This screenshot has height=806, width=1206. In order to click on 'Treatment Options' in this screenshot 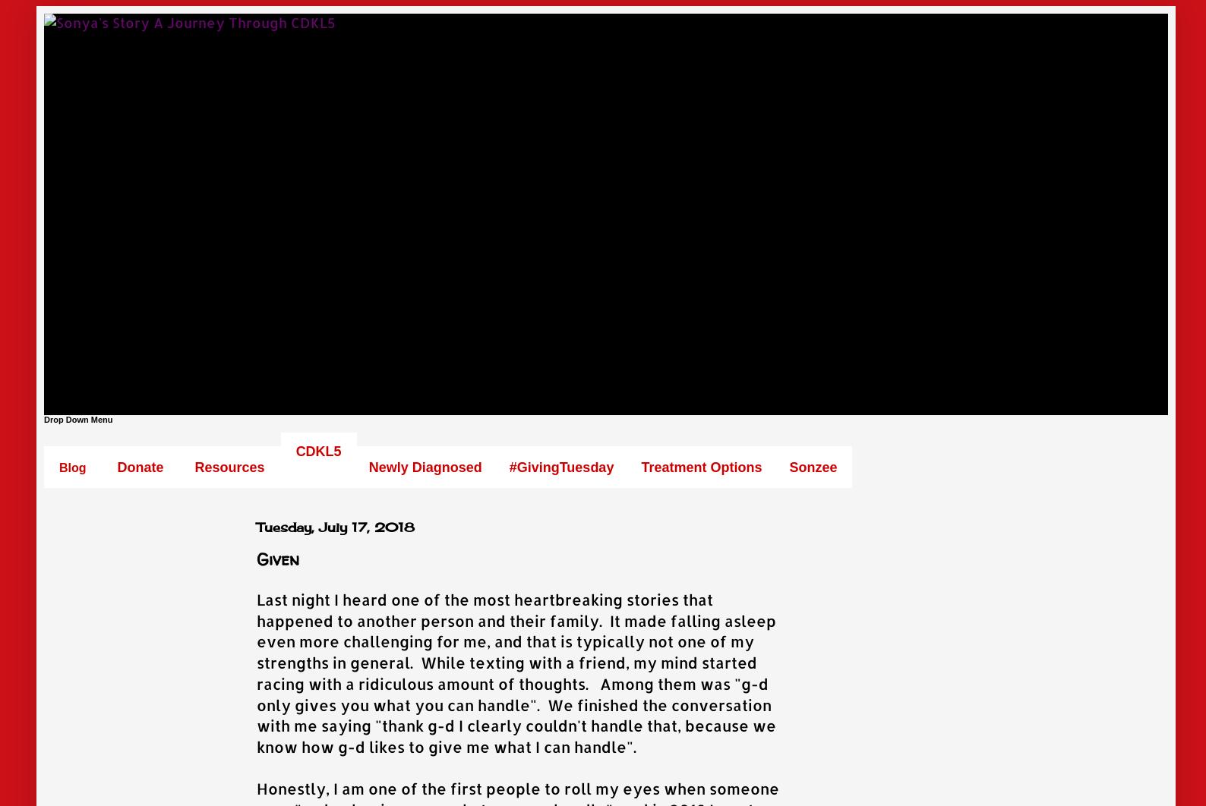, I will do `click(700, 467)`.